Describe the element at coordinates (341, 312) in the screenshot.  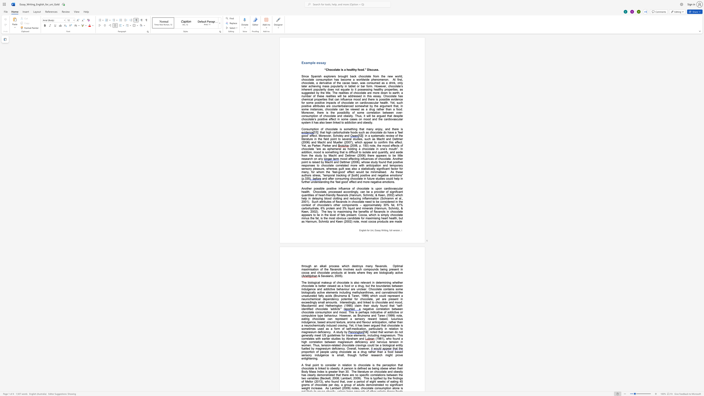
I see `the space between the continuous character "m" and "o" in the text` at that location.